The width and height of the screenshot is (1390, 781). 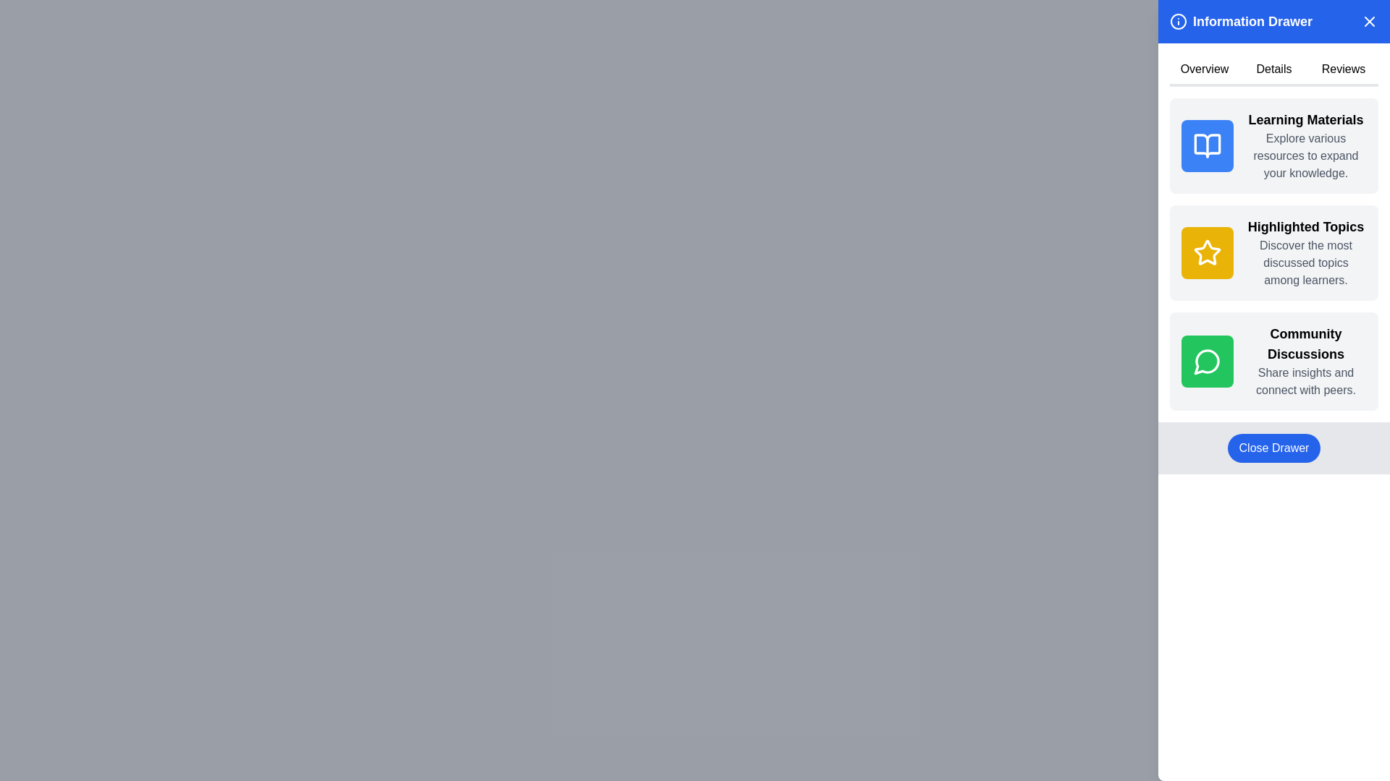 I want to click on the 'Details' tab button, which is the second tab in the navigation list of the 'Information Drawer', so click(x=1274, y=70).